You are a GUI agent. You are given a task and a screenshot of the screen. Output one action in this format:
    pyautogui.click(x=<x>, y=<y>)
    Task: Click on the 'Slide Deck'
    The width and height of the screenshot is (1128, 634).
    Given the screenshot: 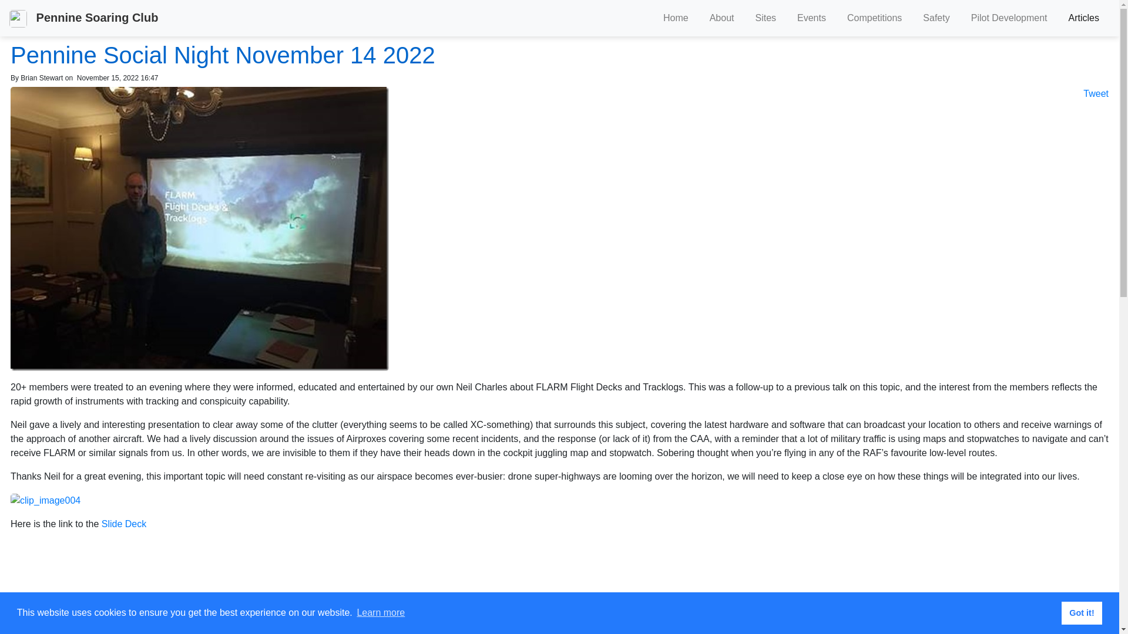 What is the action you would take?
    pyautogui.click(x=124, y=523)
    